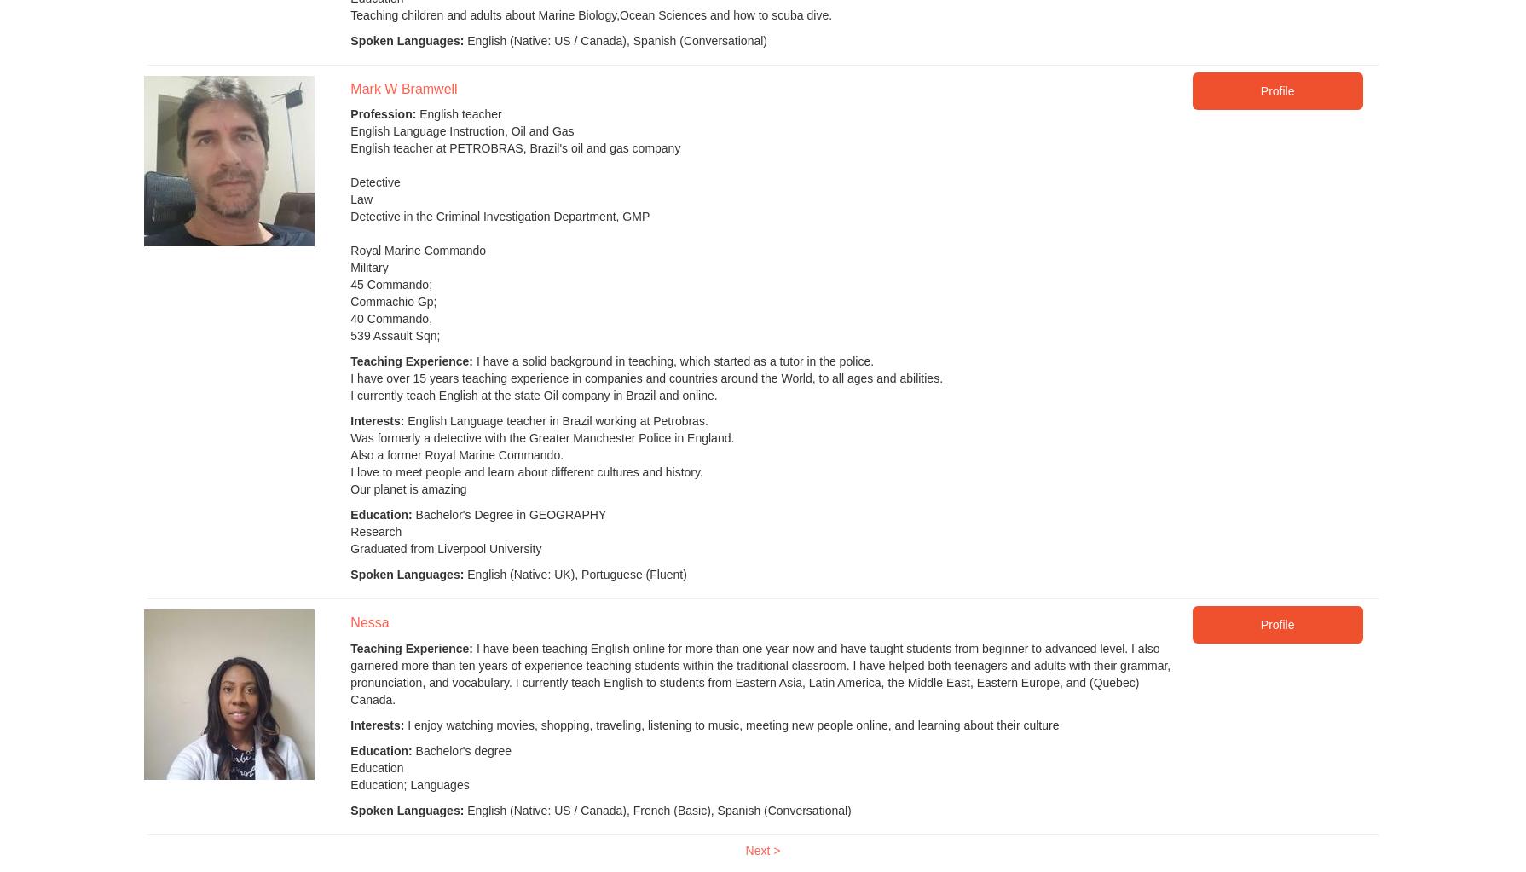  Describe the element at coordinates (656, 809) in the screenshot. I see `'English
              (Native: US / Canada), 
            
              French
              (Basic), 
            
              Spanish
              (Conversational)'` at that location.